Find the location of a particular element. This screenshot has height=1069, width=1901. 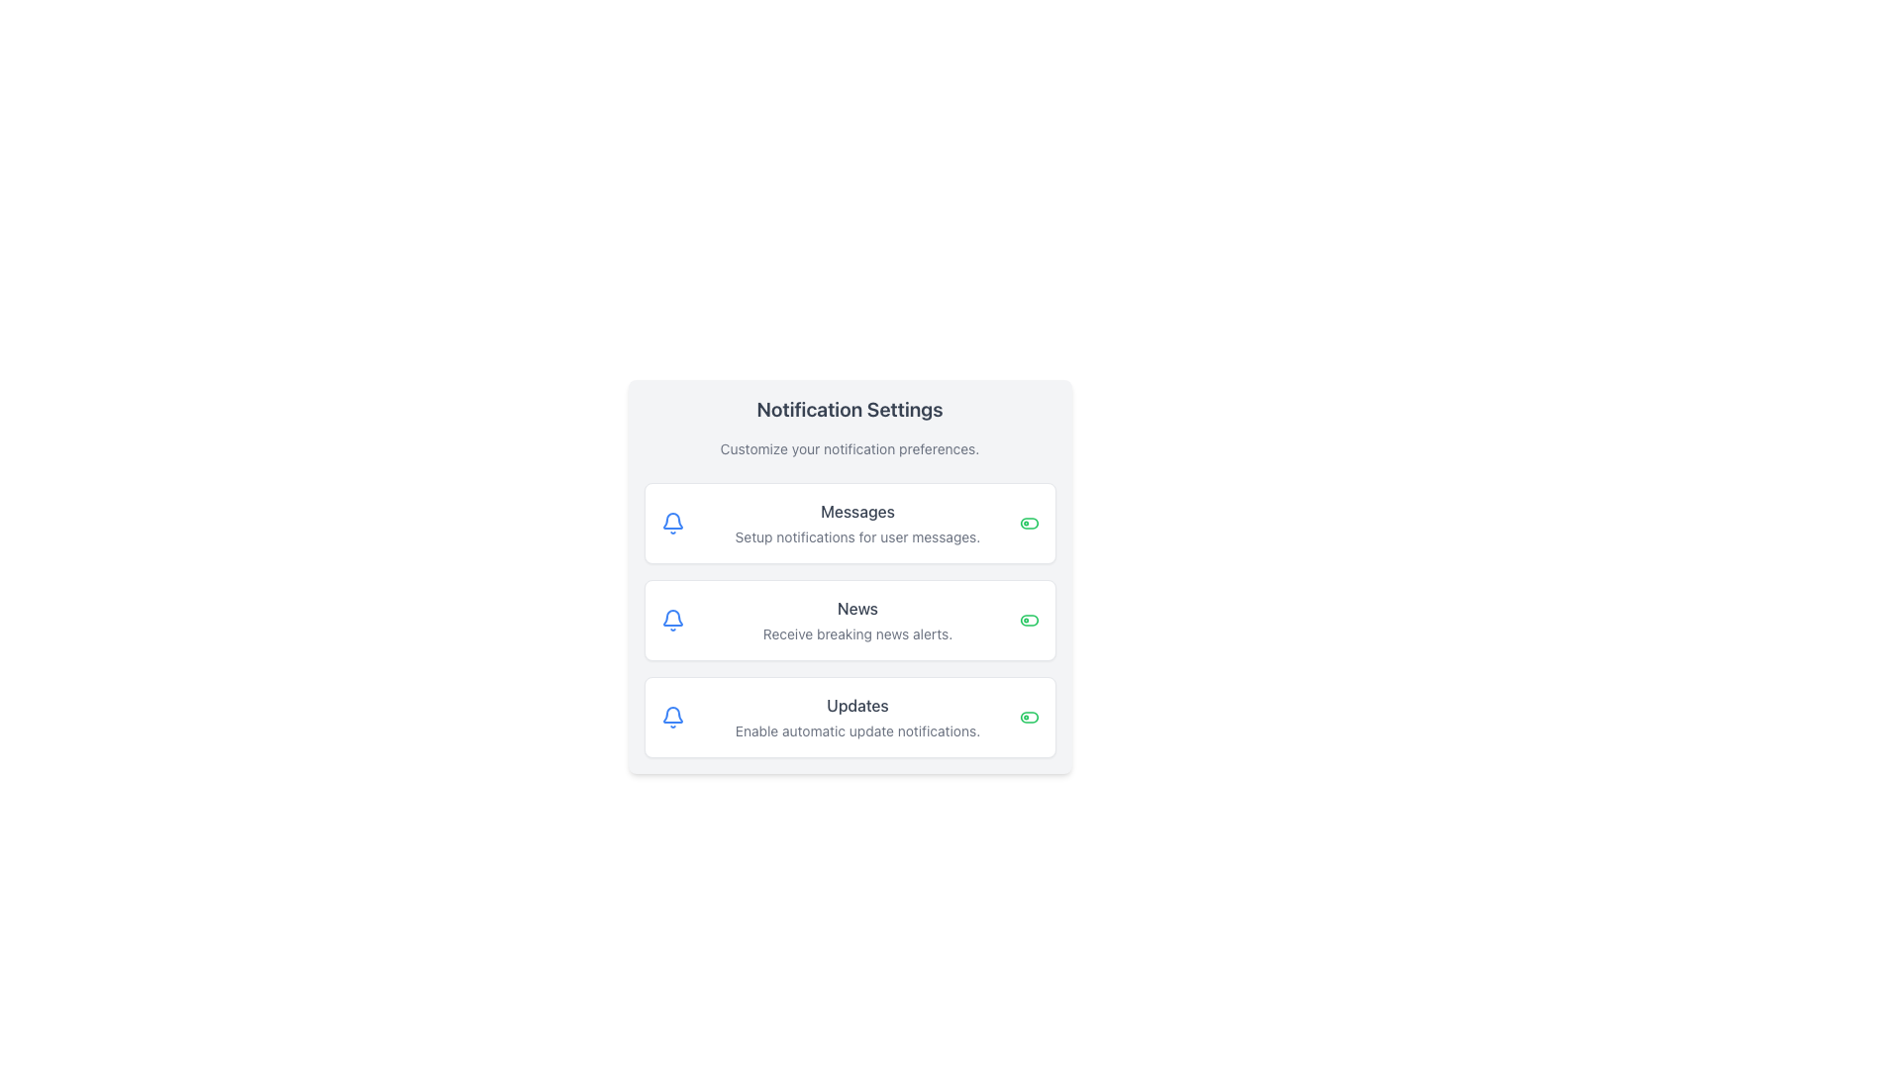

details of the informational text block element that contains the bolded text 'Updates' and the smaller text 'Enable automatic update notifications.', located in the third position of a vertical stack of notification settings cards is located at coordinates (857, 718).